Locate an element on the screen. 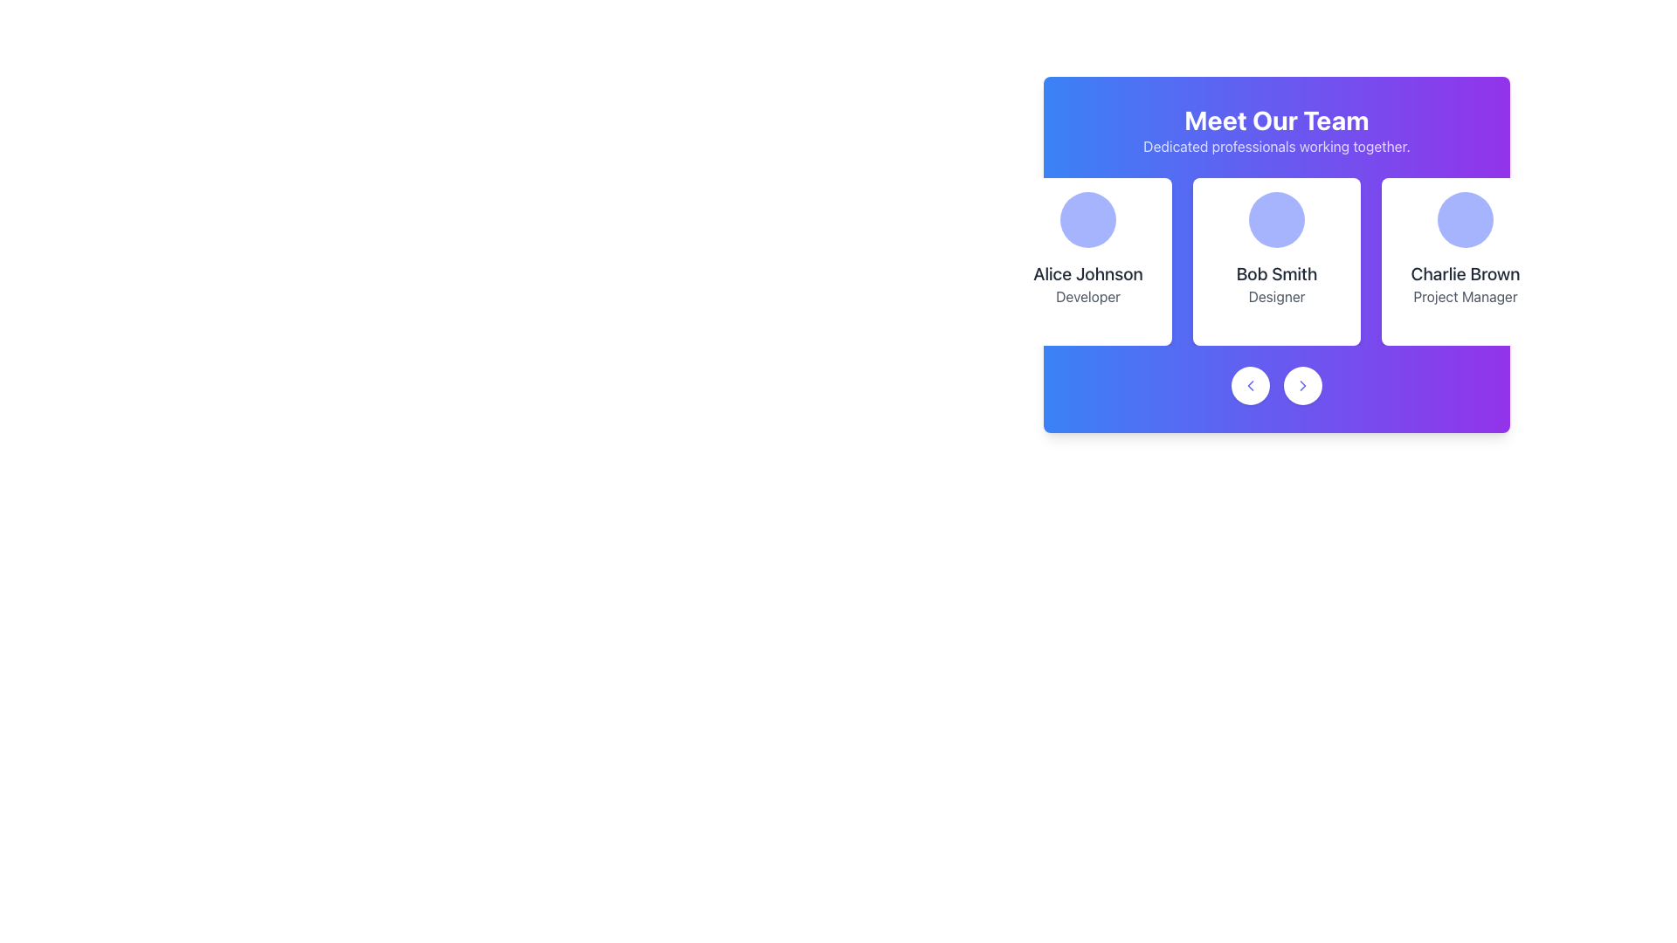 The image size is (1677, 943). text element indicating the role or position of 'Alice Johnson', located below her name and above an empty space within the card in the 'Meet Our Team' section is located at coordinates (1087, 295).